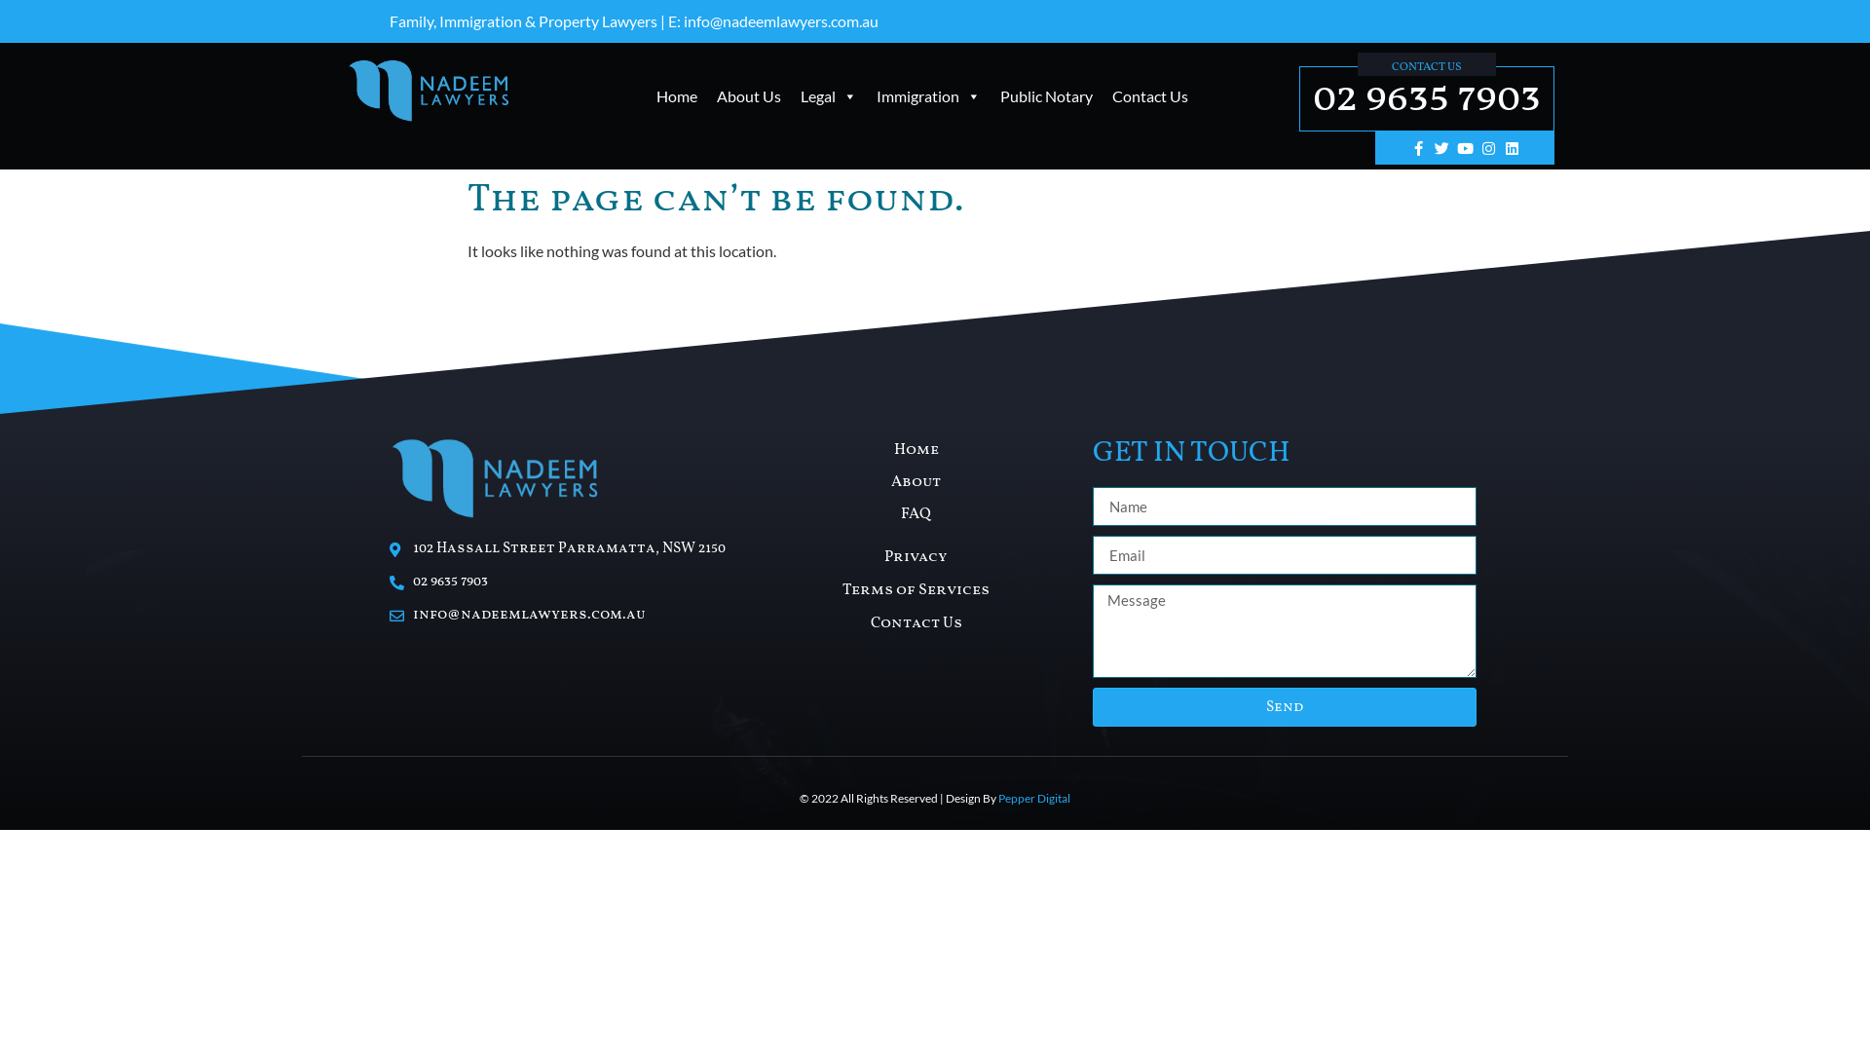 Image resolution: width=1870 pixels, height=1052 pixels. Describe the element at coordinates (915, 513) in the screenshot. I see `'FAQ'` at that location.